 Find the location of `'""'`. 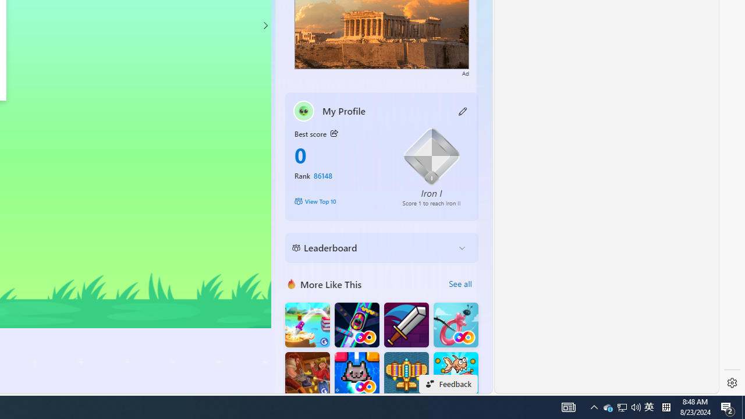

'""' is located at coordinates (304, 111).